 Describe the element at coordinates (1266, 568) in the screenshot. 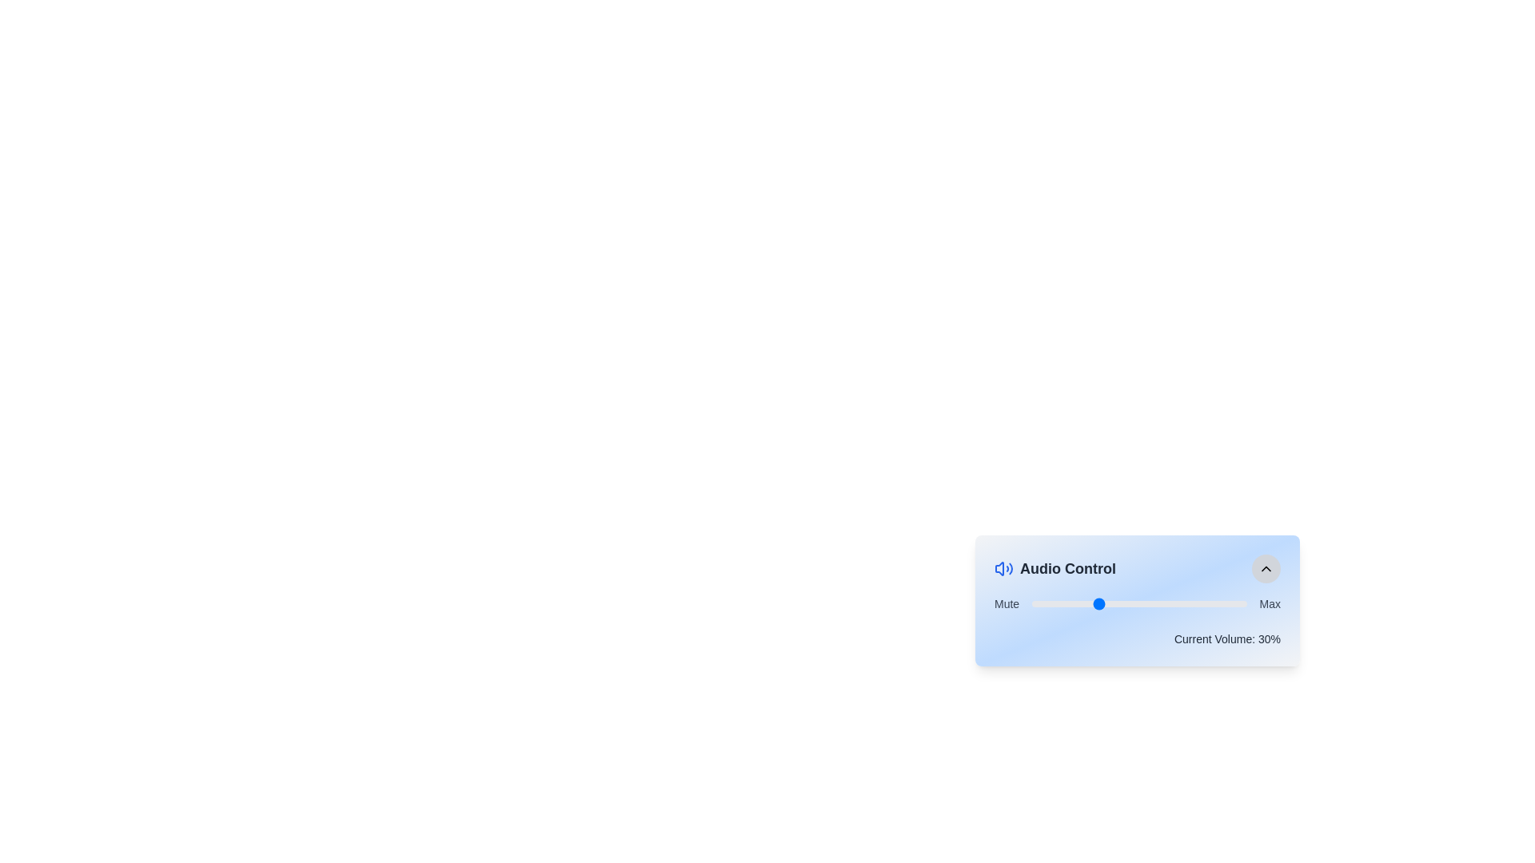

I see `the small circular button with a grey background and an upward pointing chevron icon located at the top-right corner of the 'Audio Control' component` at that location.